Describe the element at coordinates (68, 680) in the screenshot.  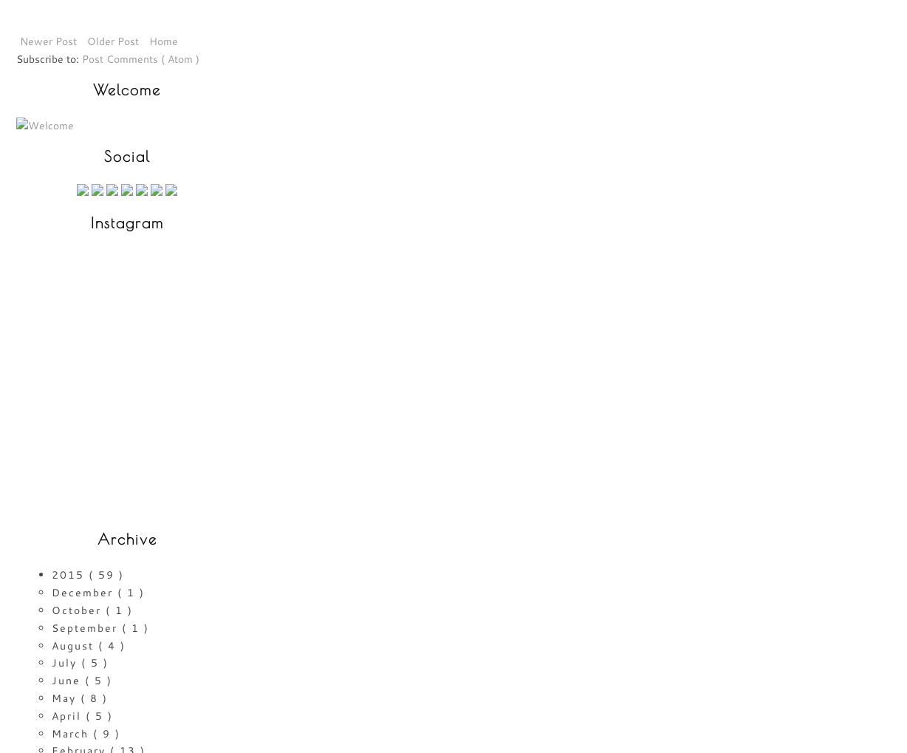
I see `'June'` at that location.